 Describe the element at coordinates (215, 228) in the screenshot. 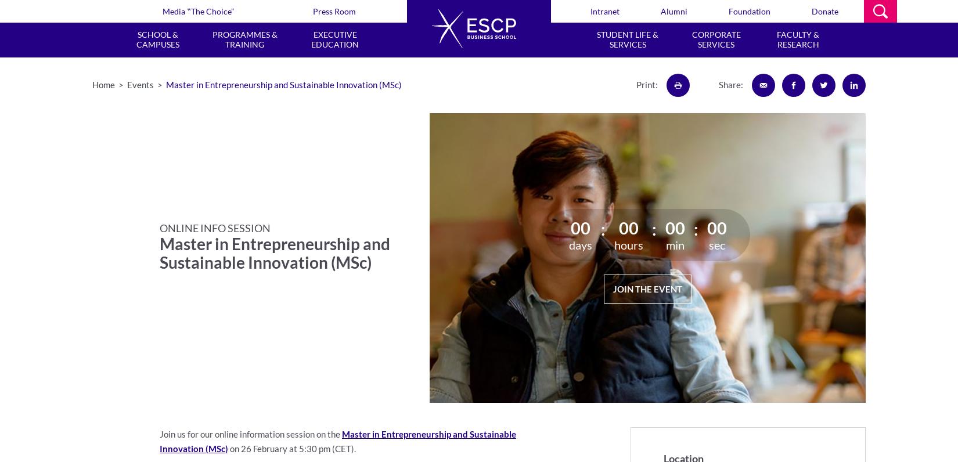

I see `'ONLINE INFO SESSION'` at that location.